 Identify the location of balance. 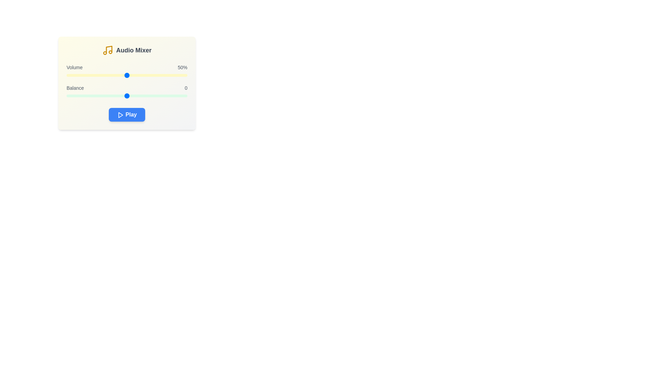
(121, 96).